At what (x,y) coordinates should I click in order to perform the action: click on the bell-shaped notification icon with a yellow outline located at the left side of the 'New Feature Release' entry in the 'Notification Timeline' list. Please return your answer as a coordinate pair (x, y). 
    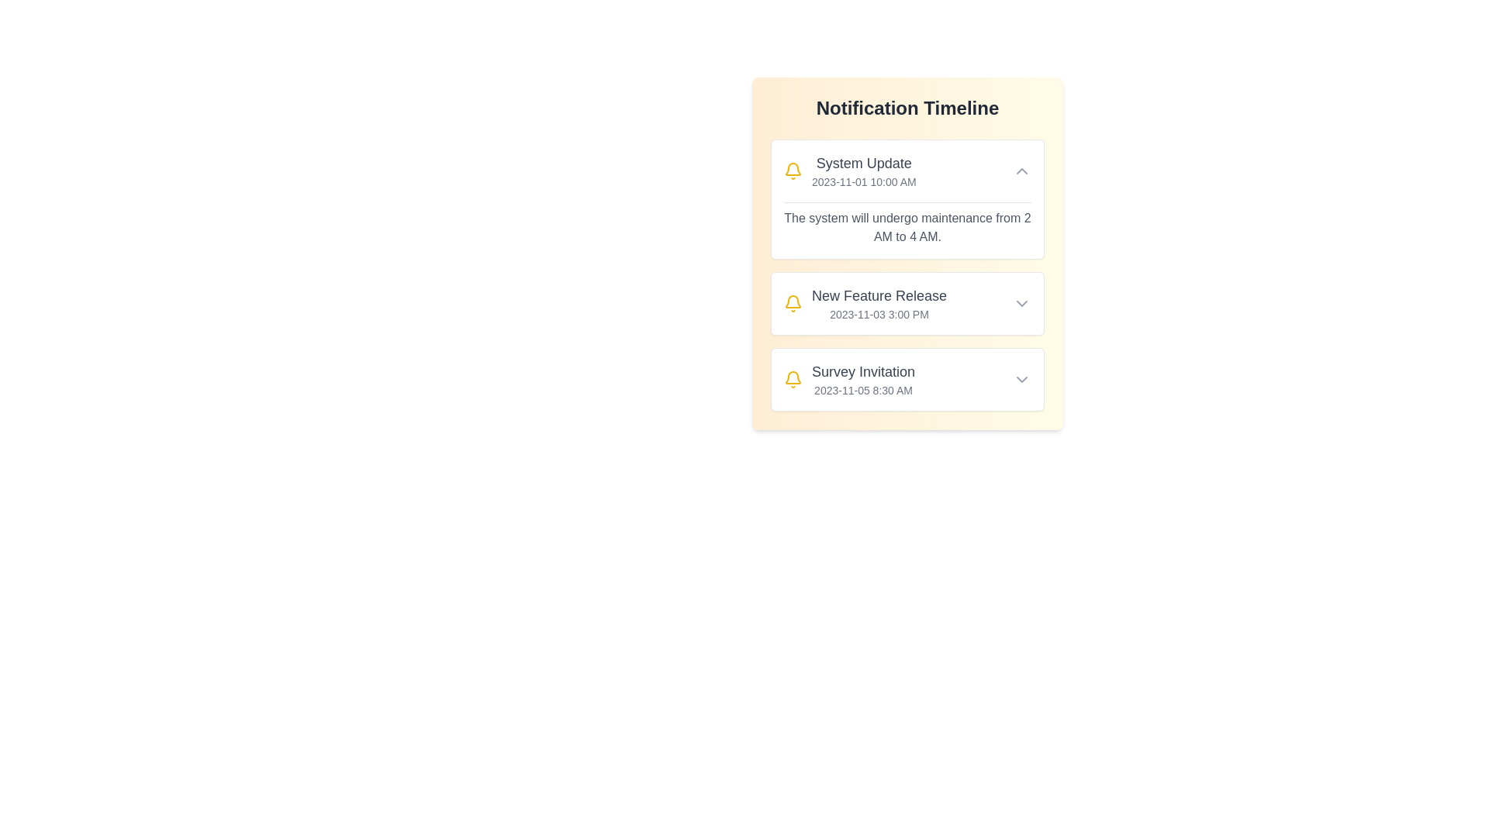
    Looking at the image, I should click on (793, 304).